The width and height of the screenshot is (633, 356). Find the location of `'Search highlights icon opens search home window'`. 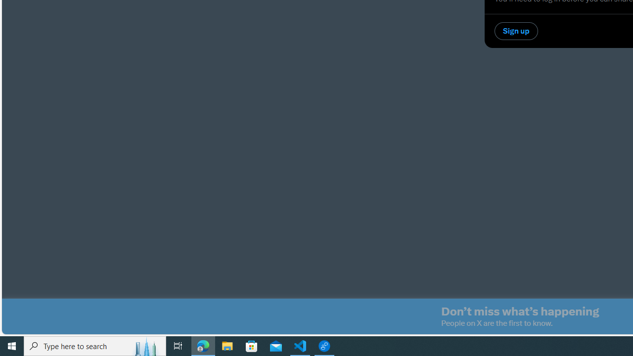

'Search highlights icon opens search home window' is located at coordinates (145, 345).